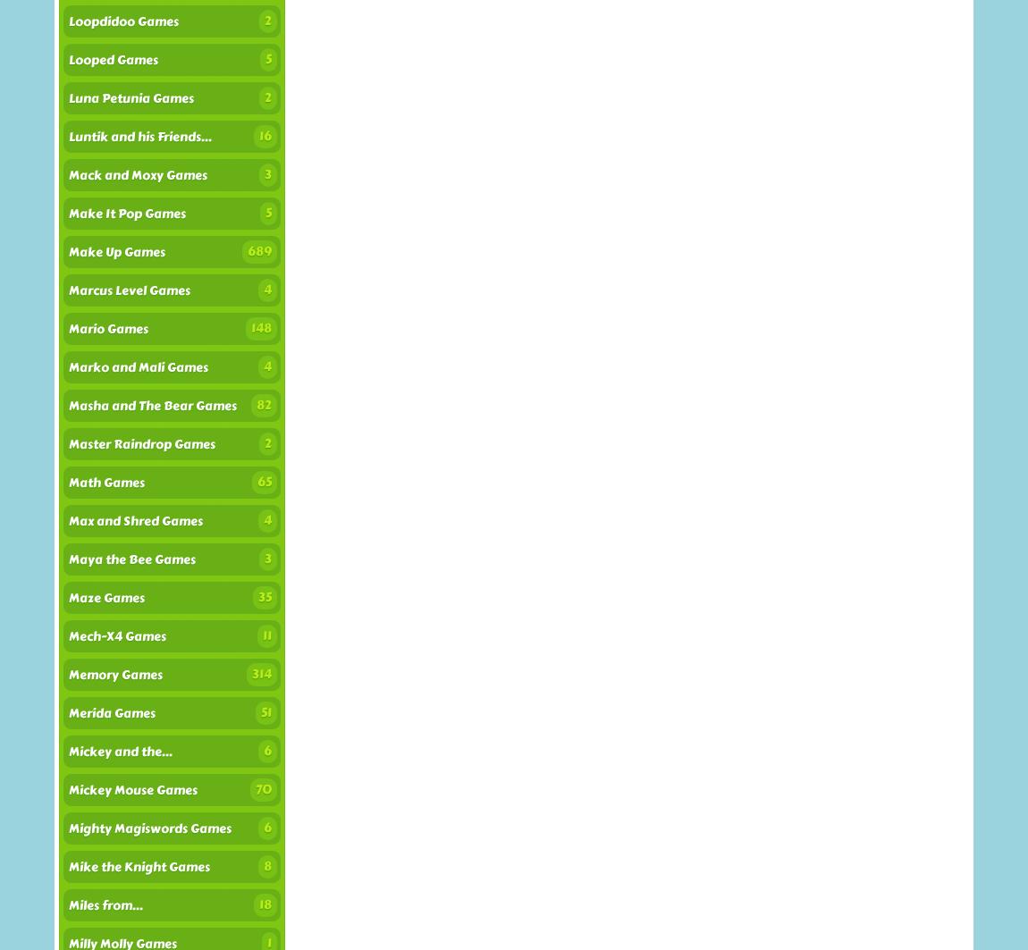  What do you see at coordinates (261, 328) in the screenshot?
I see `'148'` at bounding box center [261, 328].